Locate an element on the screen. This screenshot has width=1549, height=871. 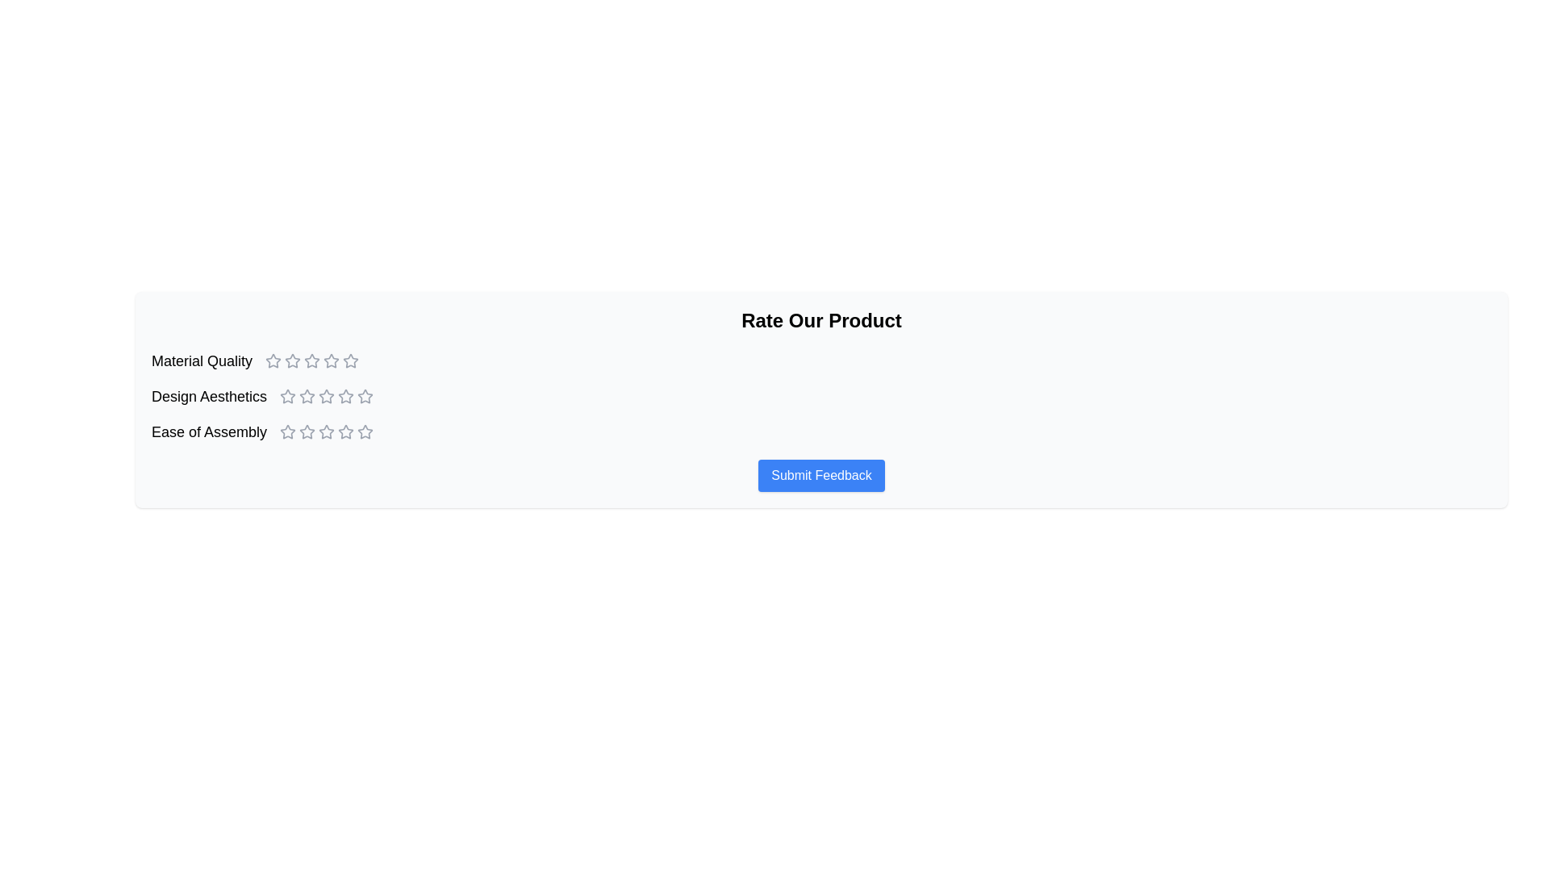
the fourth rating star icon under the 'Ease of Assembly' category to indicate potential selection is located at coordinates (326, 431).